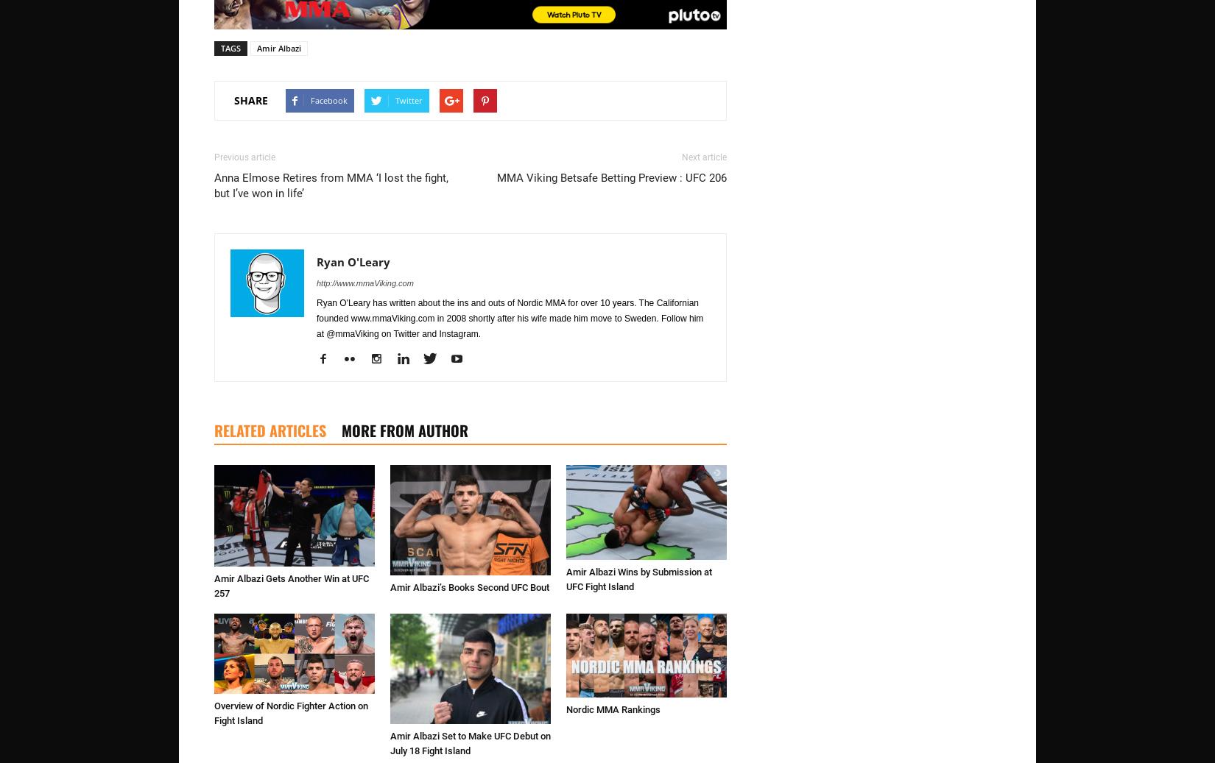 The height and width of the screenshot is (763, 1215). What do you see at coordinates (639, 579) in the screenshot?
I see `'Amir Albazi Wins by Submission at UFC Fight Island'` at bounding box center [639, 579].